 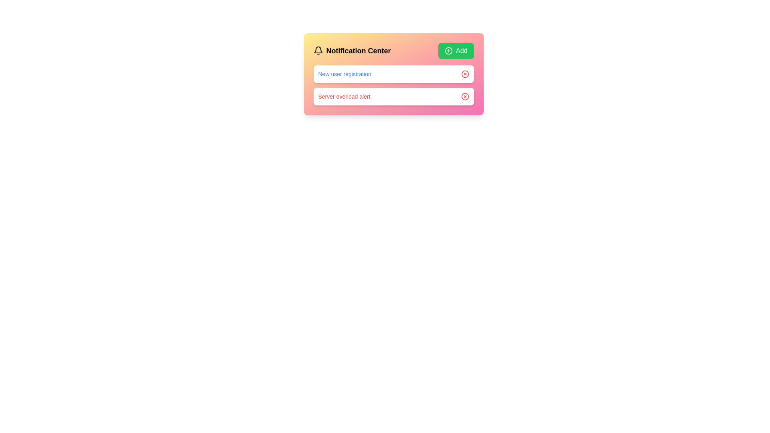 What do you see at coordinates (456, 51) in the screenshot?
I see `the green rectangular button with rounded corners that has a white plus symbol followed by the text 'Add'` at bounding box center [456, 51].